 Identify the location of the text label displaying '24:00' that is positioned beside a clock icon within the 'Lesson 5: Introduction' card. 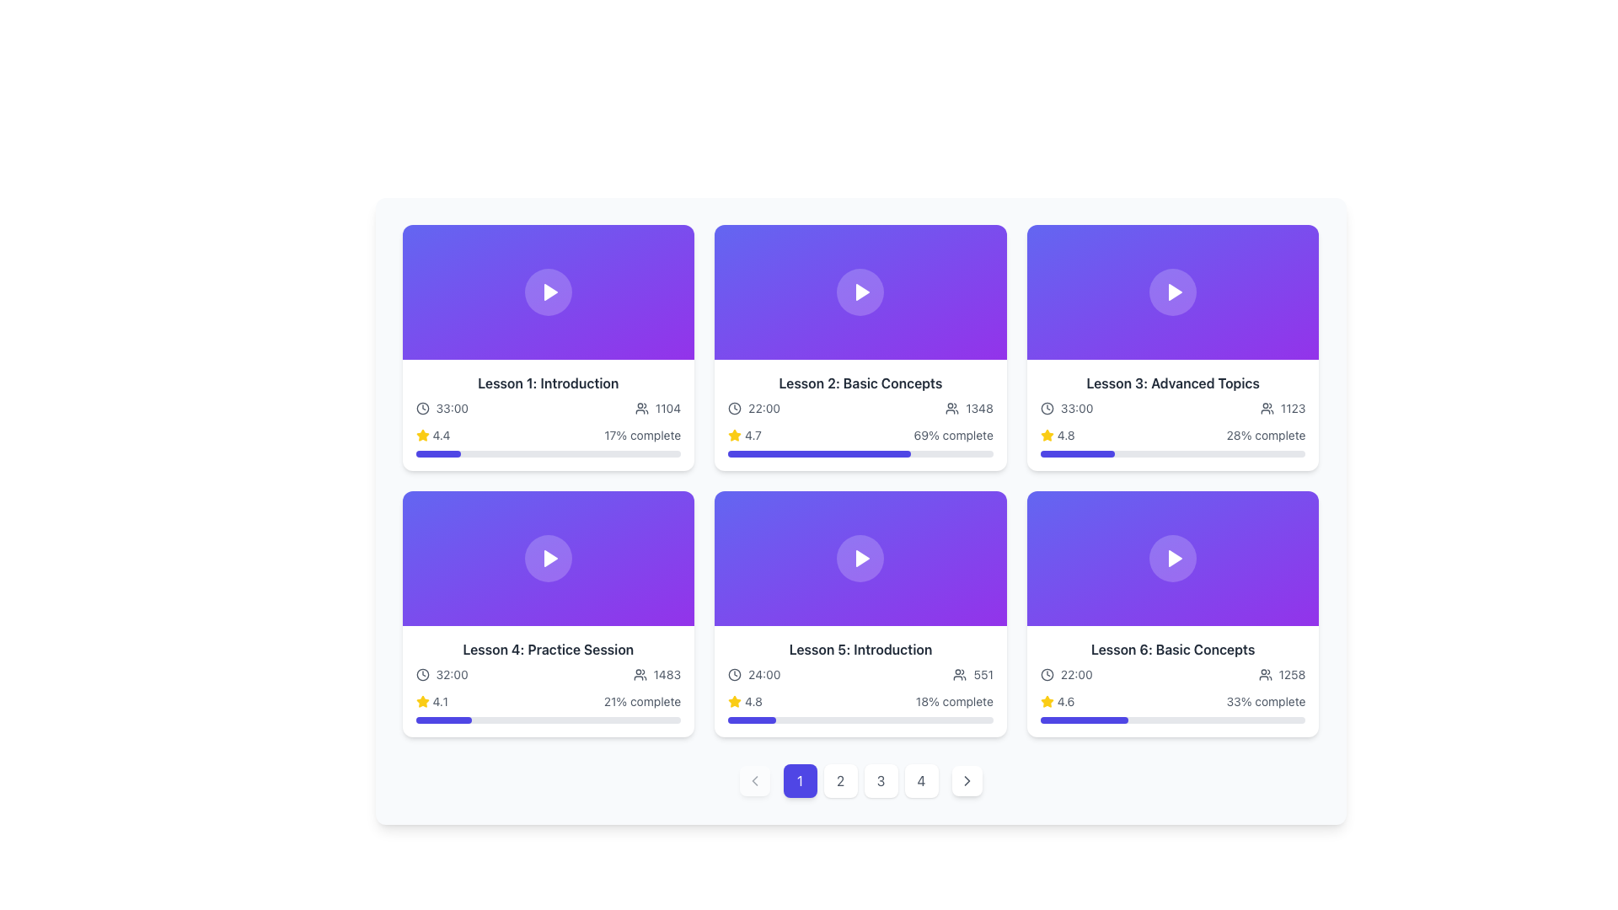
(763, 674).